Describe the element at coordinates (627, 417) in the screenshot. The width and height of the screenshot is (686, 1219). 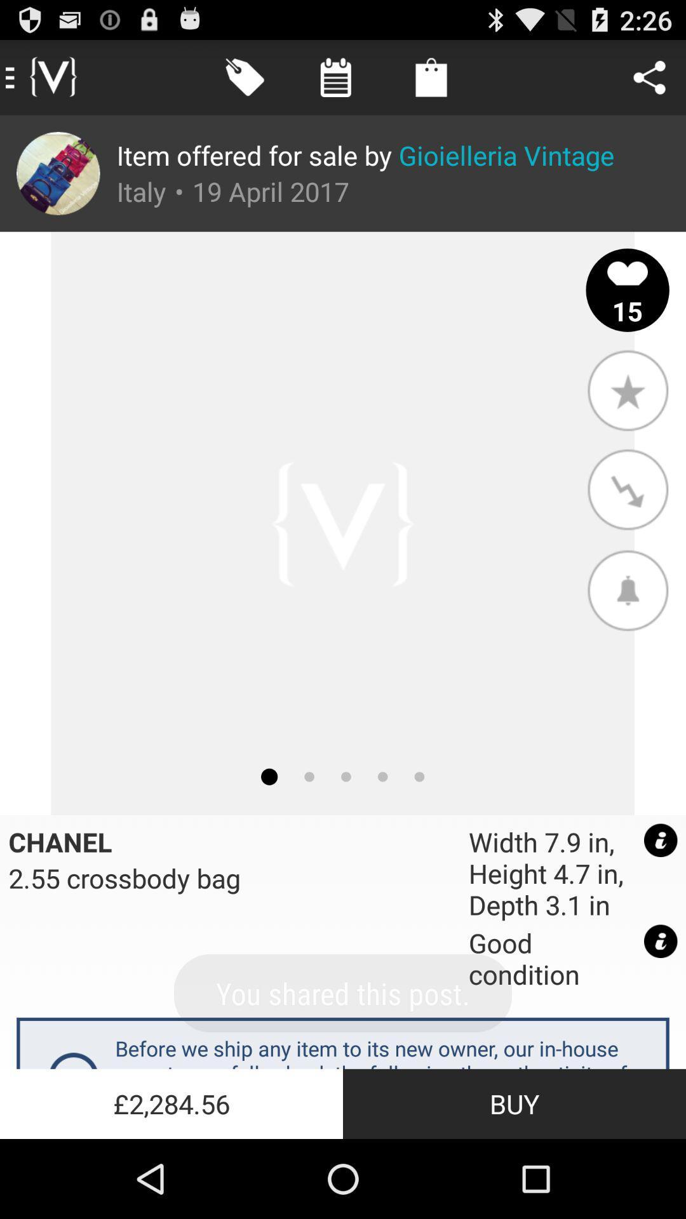
I see `the star icon` at that location.